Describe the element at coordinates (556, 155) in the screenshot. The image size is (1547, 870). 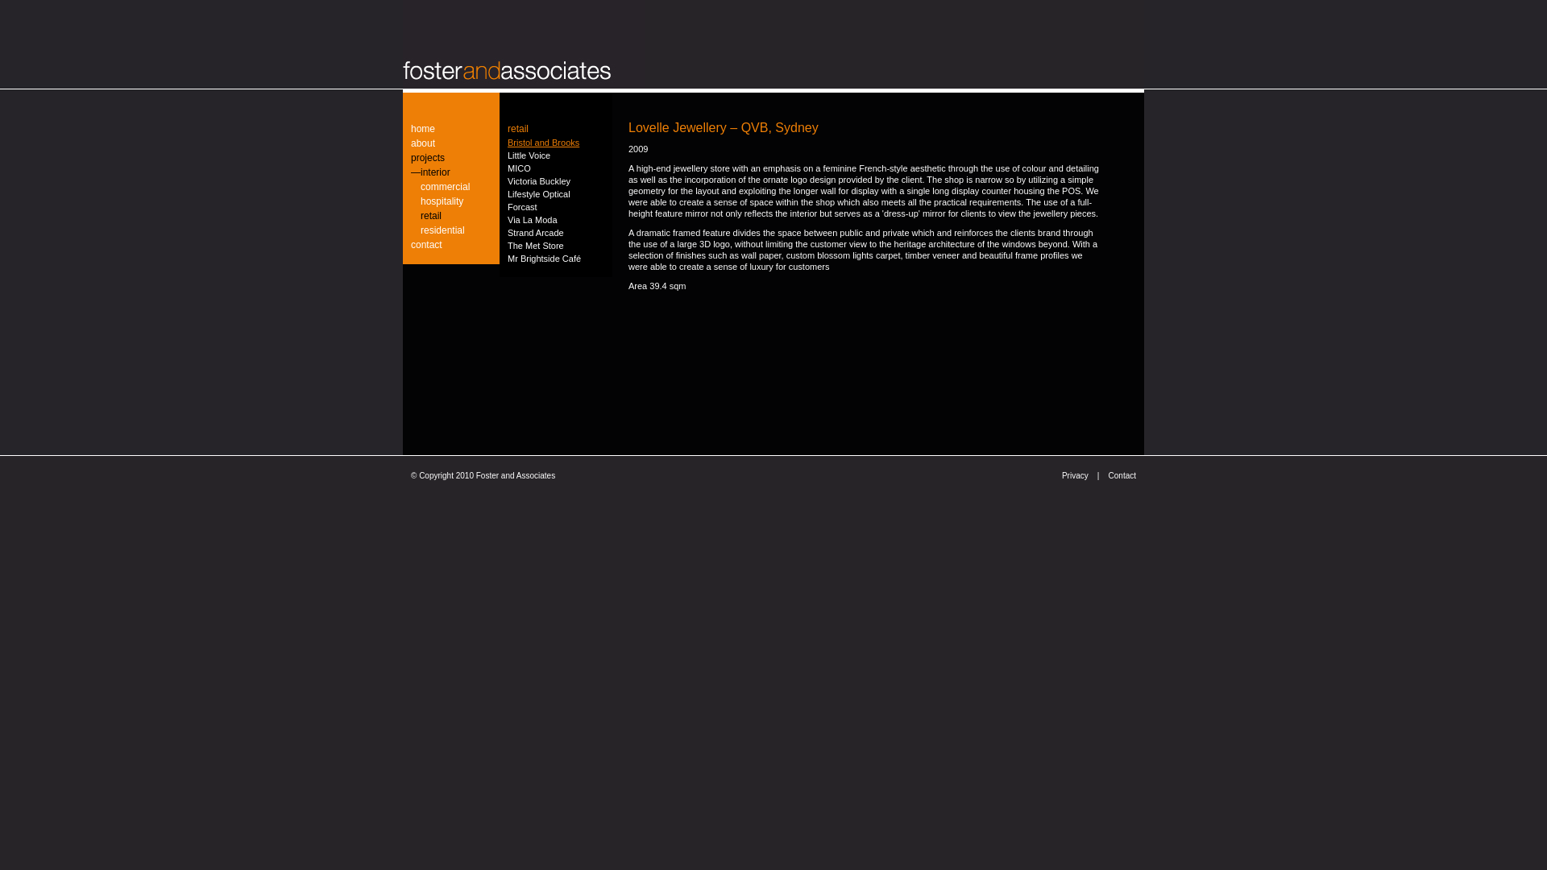
I see `'Little Voice'` at that location.